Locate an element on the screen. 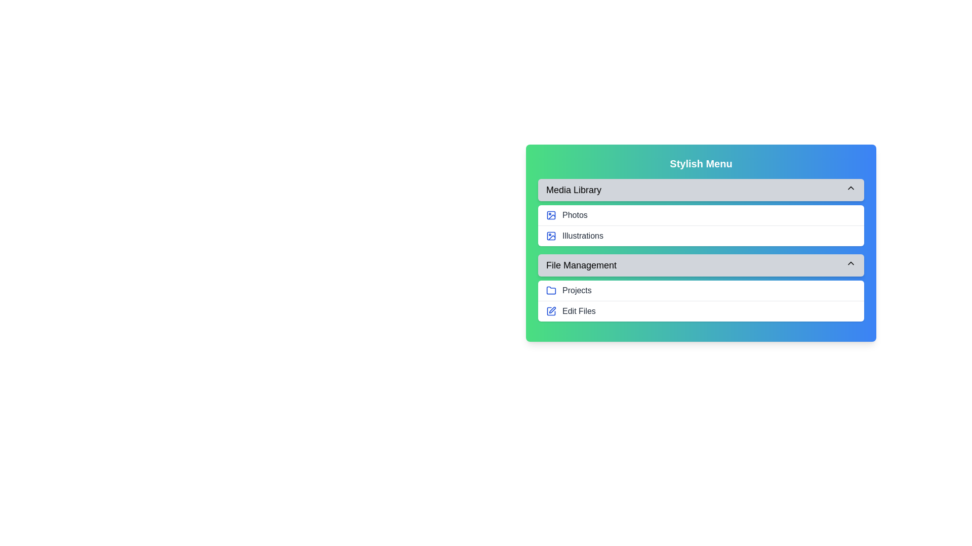 The width and height of the screenshot is (972, 546). the 'Illustrations' text label located in the second selectable row under the 'Media Library' section is located at coordinates (583, 236).